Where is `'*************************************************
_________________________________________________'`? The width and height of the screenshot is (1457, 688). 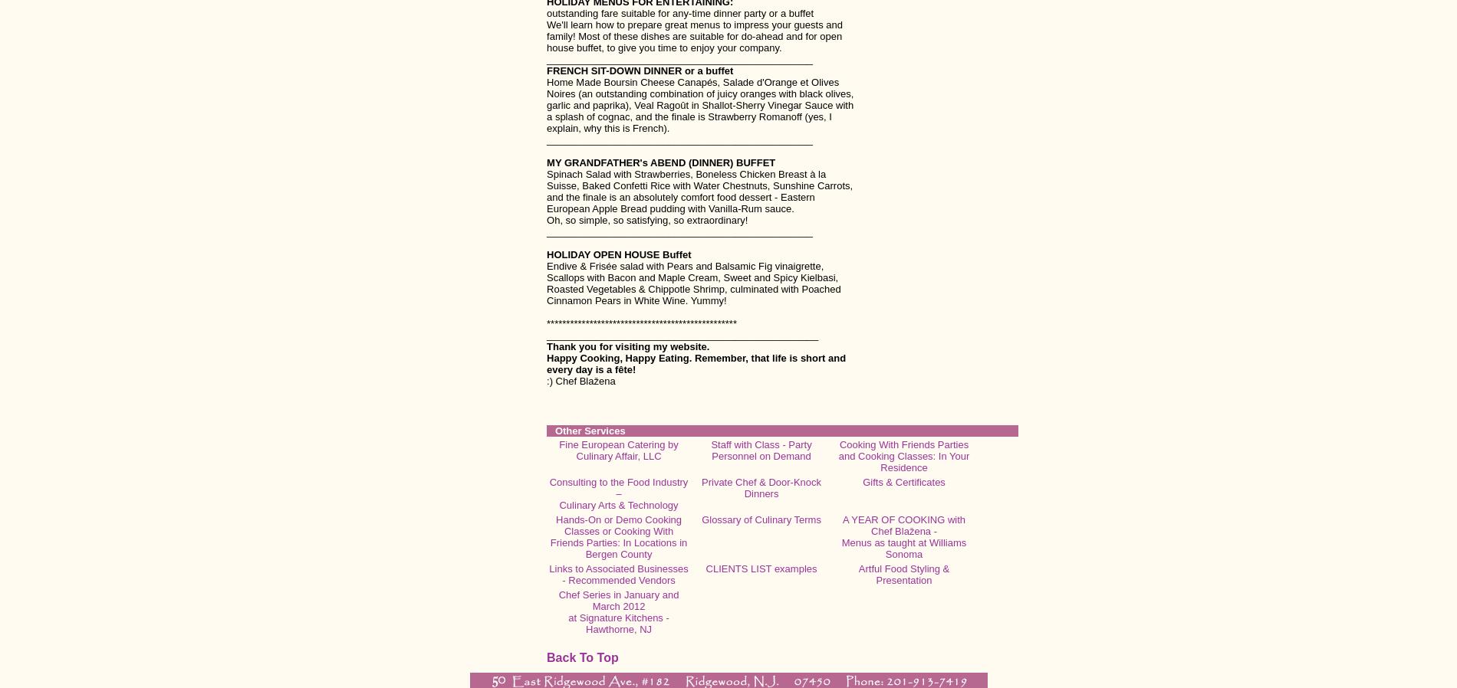
'*************************************************
_________________________________________________' is located at coordinates (681, 329).